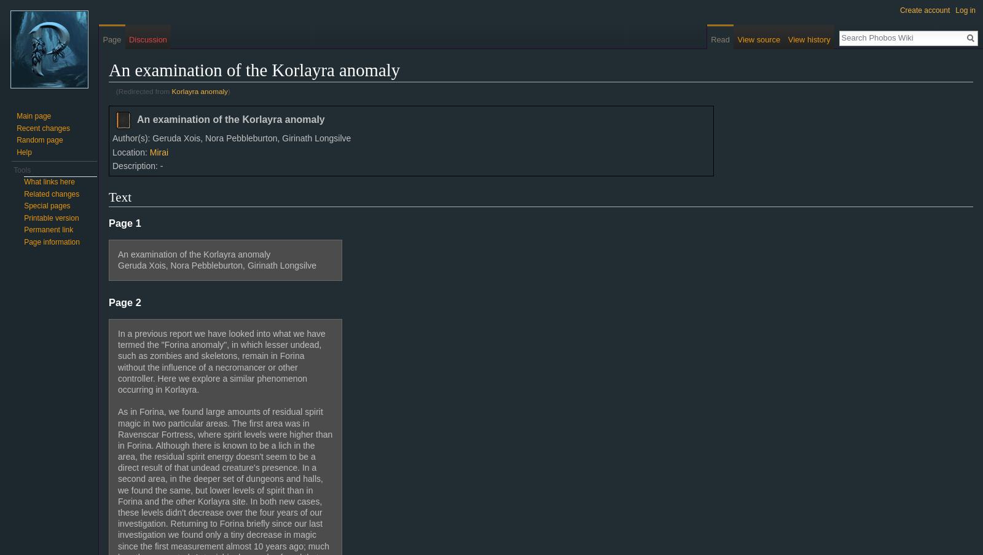  What do you see at coordinates (119, 197) in the screenshot?
I see `'Text'` at bounding box center [119, 197].